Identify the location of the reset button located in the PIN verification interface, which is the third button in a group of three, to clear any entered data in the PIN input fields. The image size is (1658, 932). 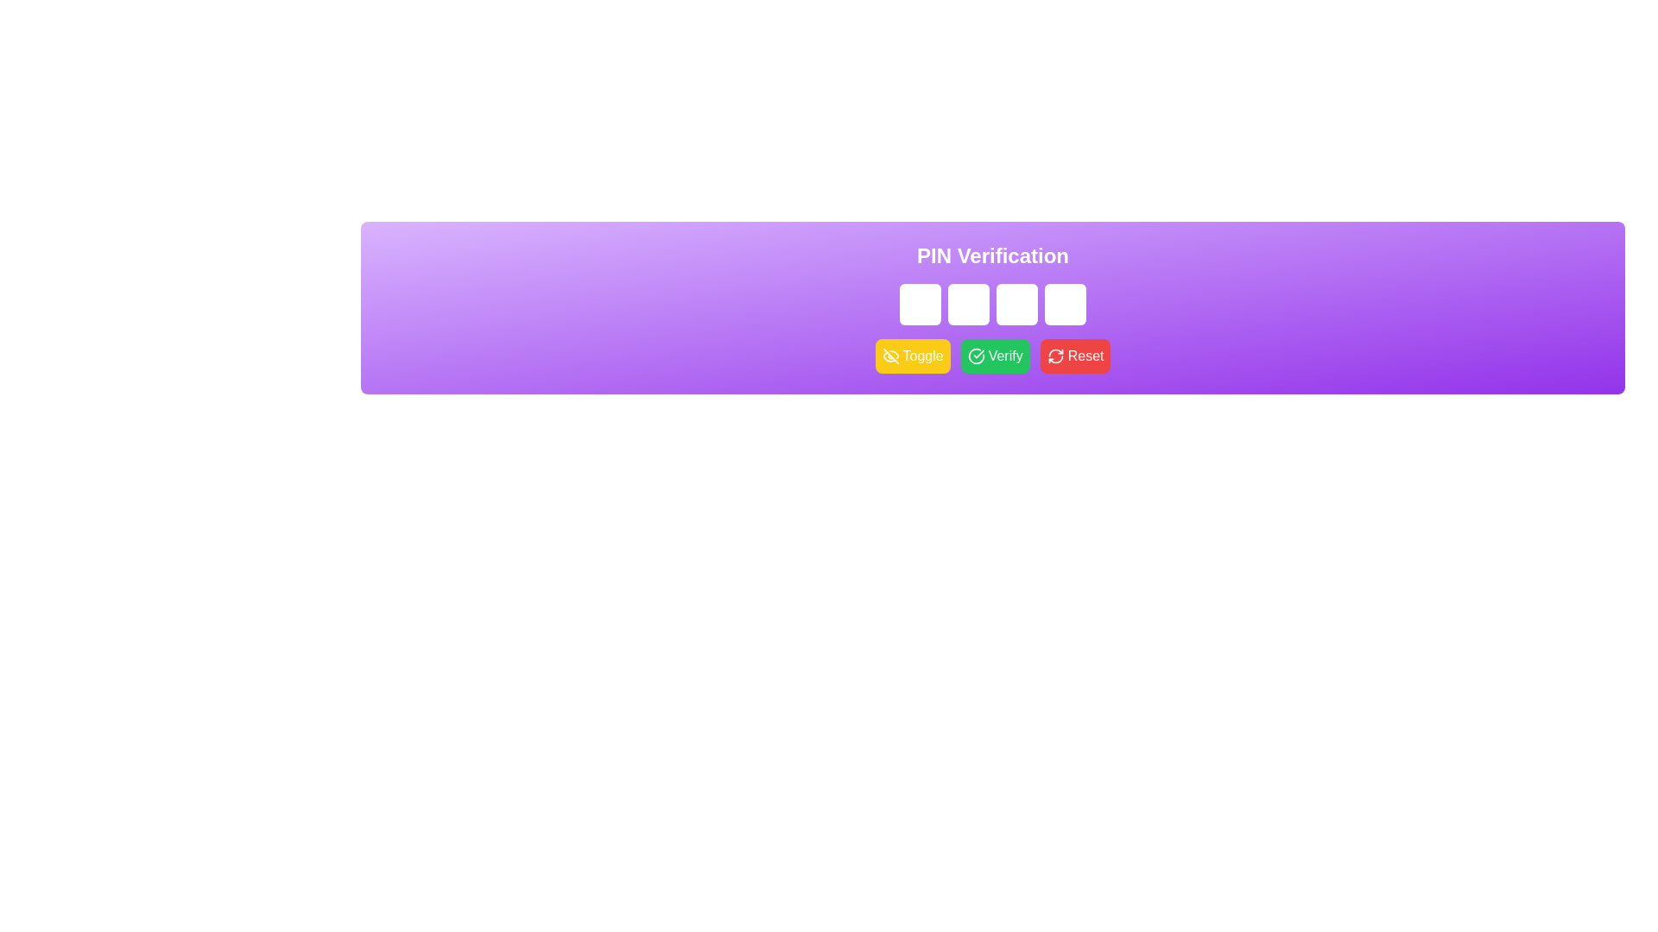
(1074, 355).